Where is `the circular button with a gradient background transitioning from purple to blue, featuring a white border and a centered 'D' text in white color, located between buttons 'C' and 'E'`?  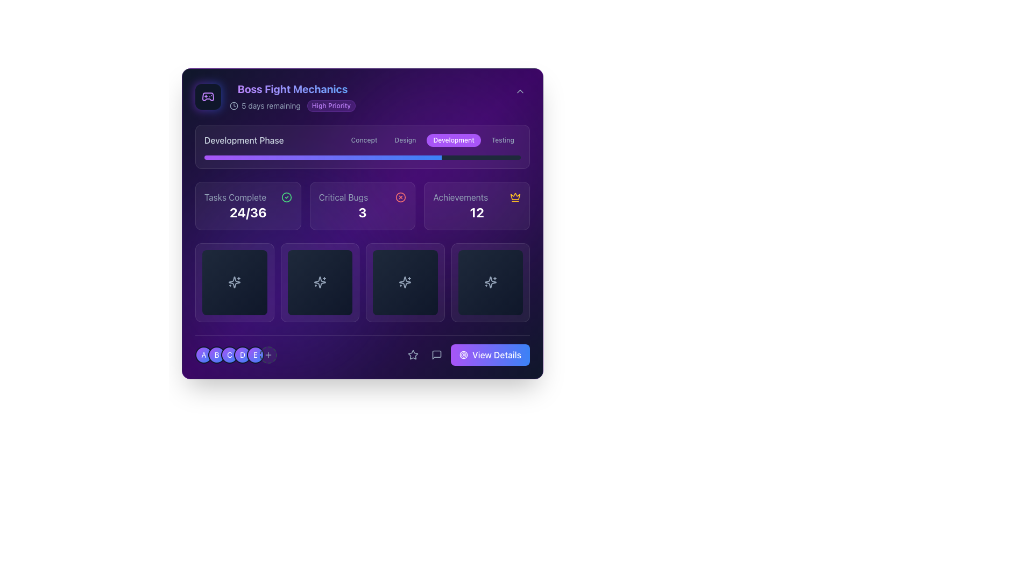
the circular button with a gradient background transitioning from purple to blue, featuring a white border and a centered 'D' text in white color, located between buttons 'C' and 'E' is located at coordinates (242, 355).